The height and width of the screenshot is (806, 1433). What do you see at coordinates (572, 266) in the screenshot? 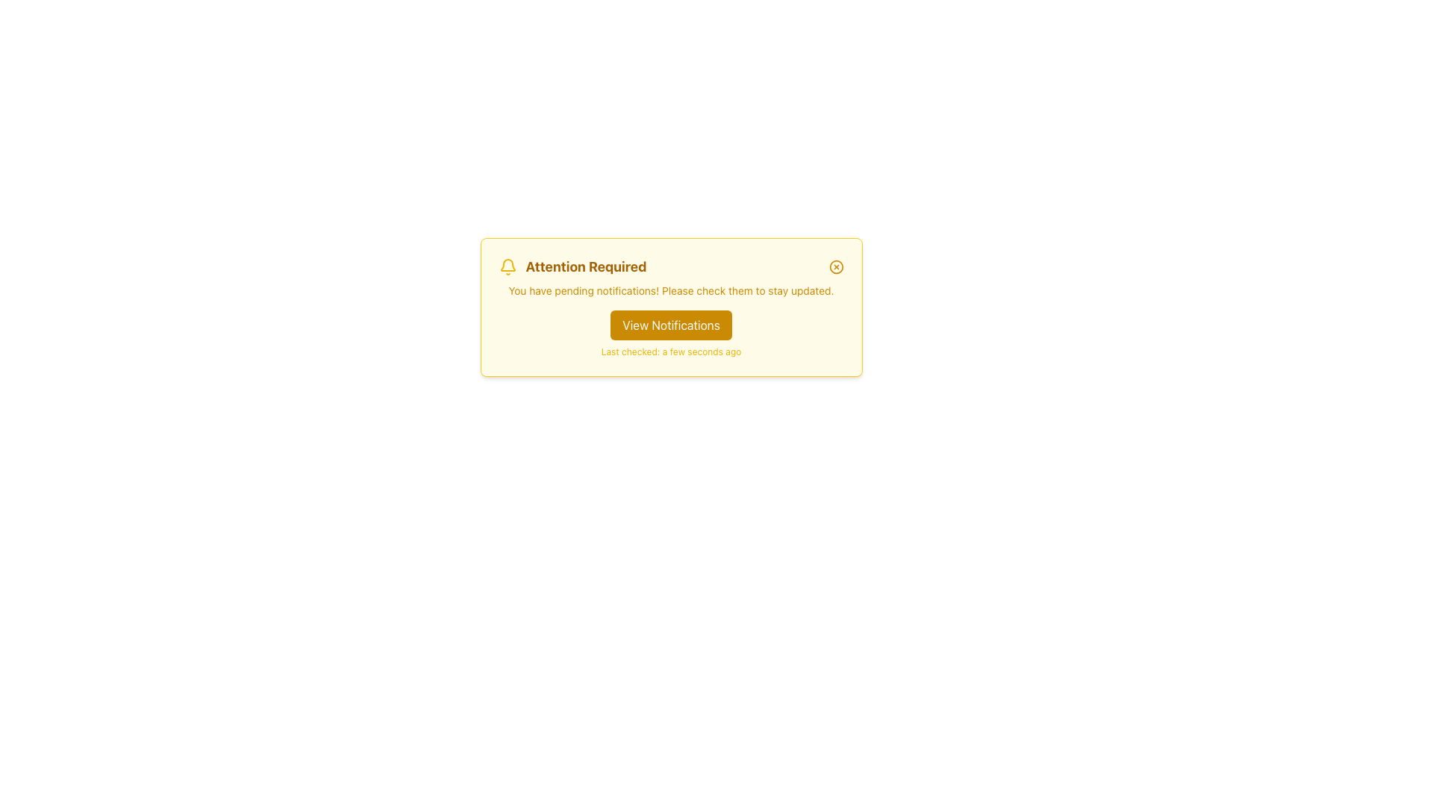
I see `displayed message from the text label with an accompanying icon located at the top-left corner of the alert box` at bounding box center [572, 266].